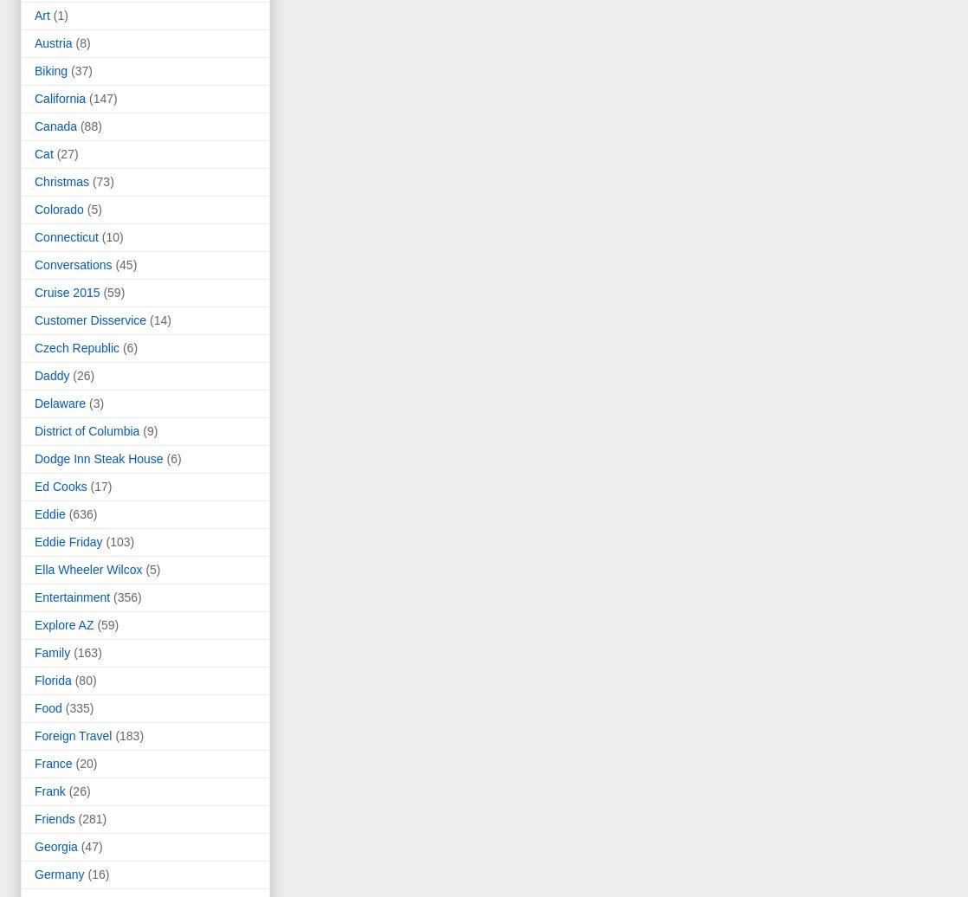 Image resolution: width=968 pixels, height=897 pixels. What do you see at coordinates (82, 43) in the screenshot?
I see `'(8)'` at bounding box center [82, 43].